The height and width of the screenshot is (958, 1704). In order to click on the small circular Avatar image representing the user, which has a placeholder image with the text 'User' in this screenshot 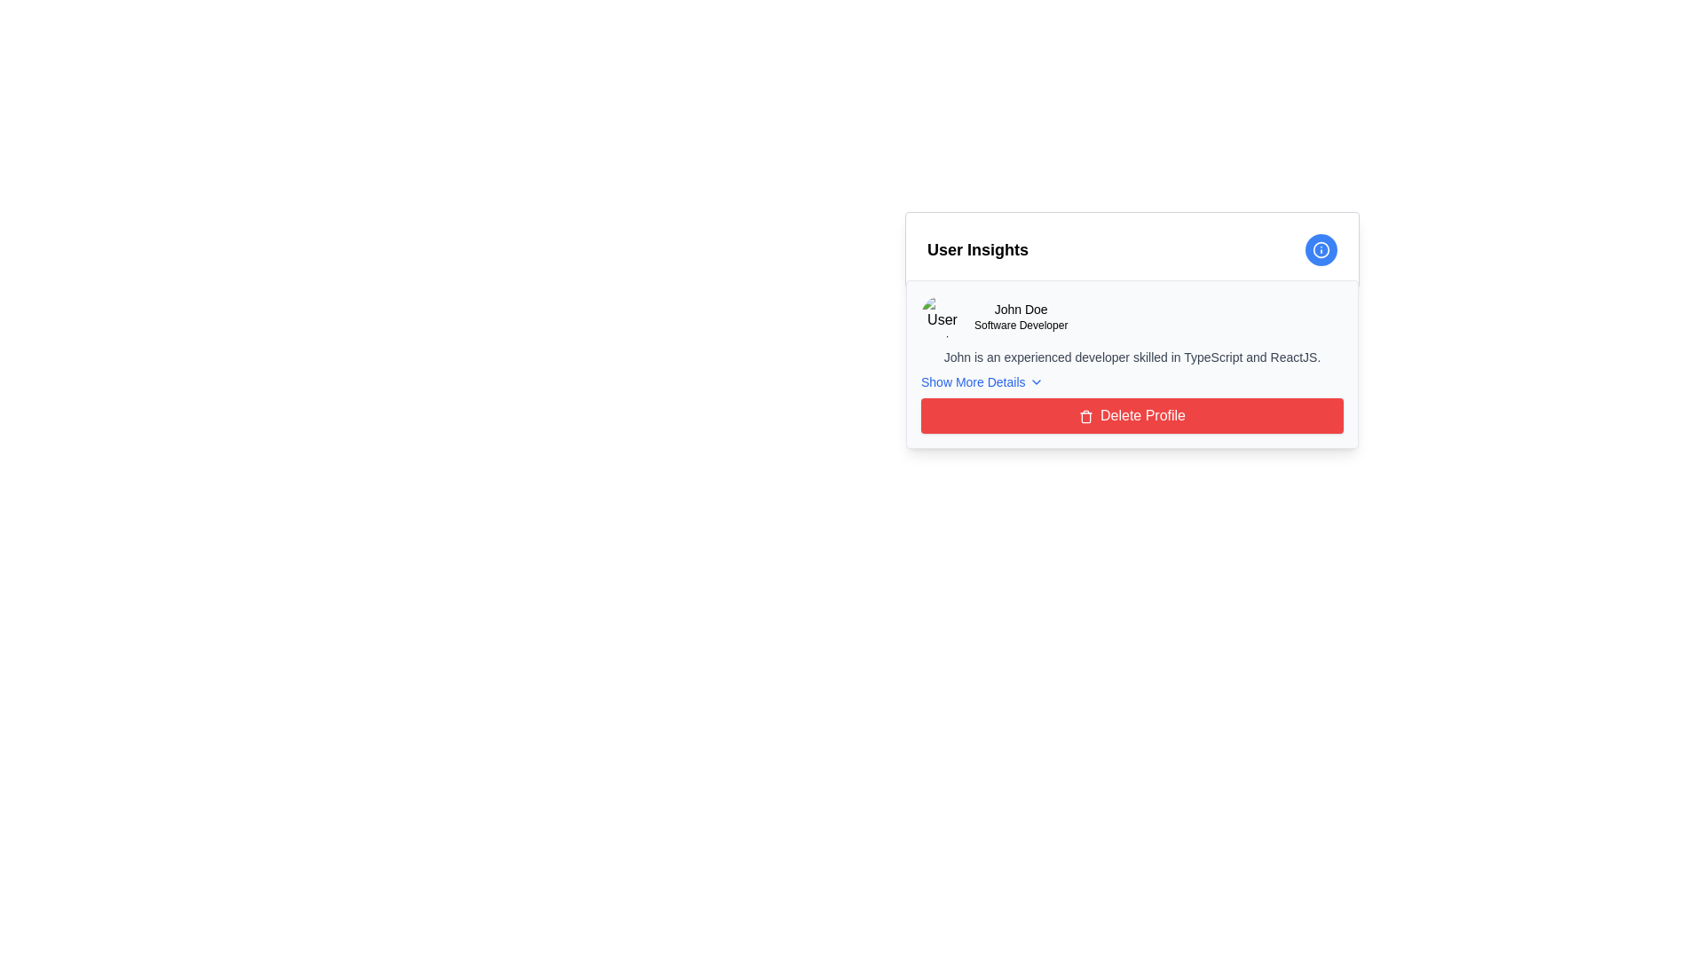, I will do `click(941, 316)`.